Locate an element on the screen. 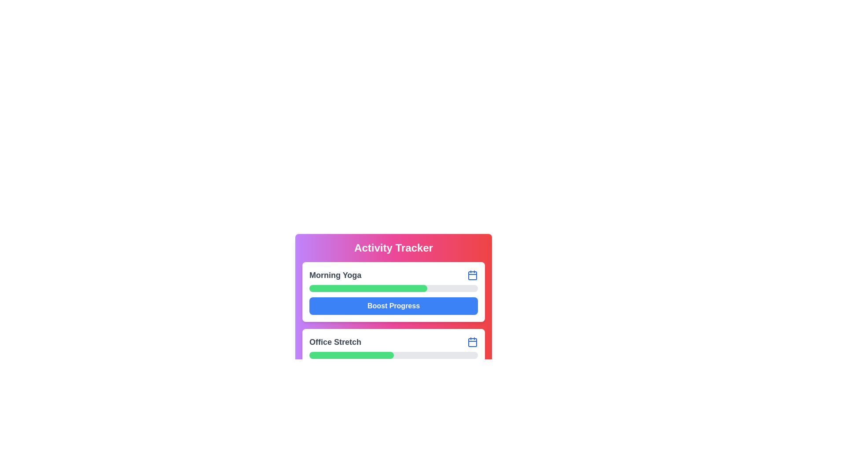 The height and width of the screenshot is (475, 845). the horizontal progress bar with a light gray background and green filled portion, located below the 'Morning Yoga' header text and above the 'Boost Progress' button is located at coordinates (393, 288).